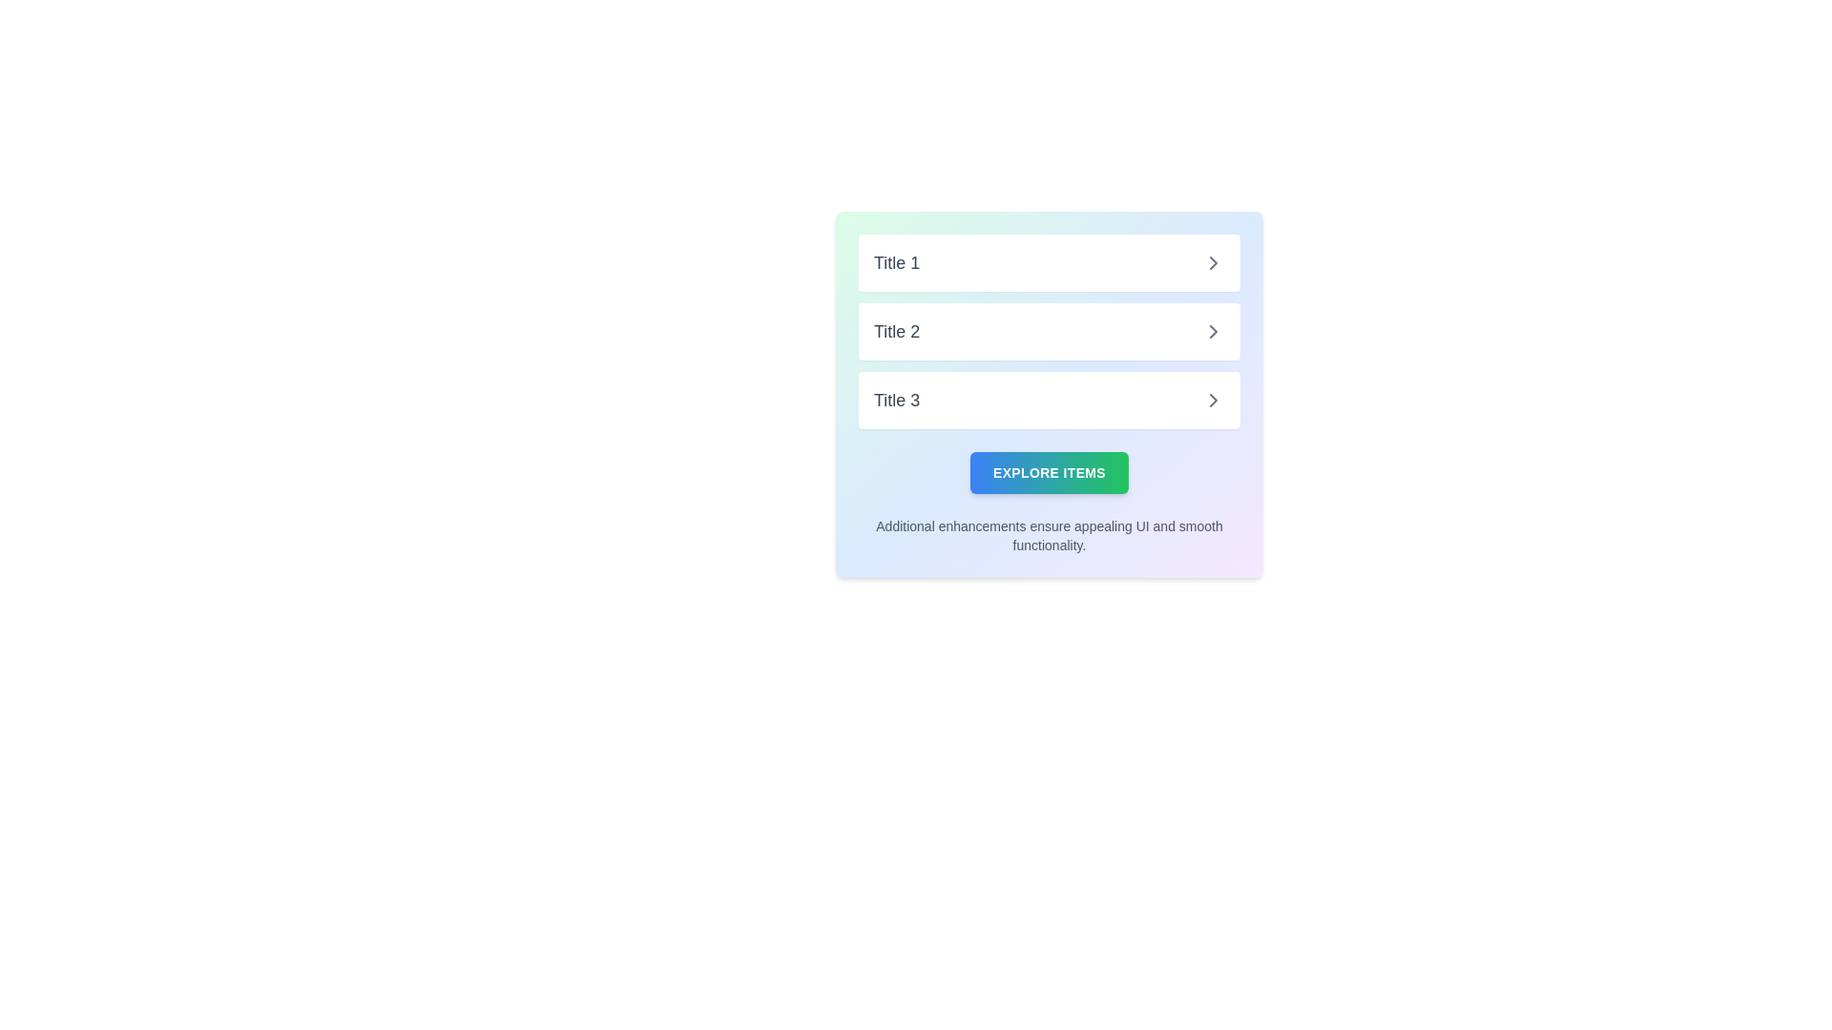  Describe the element at coordinates (1213, 263) in the screenshot. I see `the rightward chevron icon` at that location.